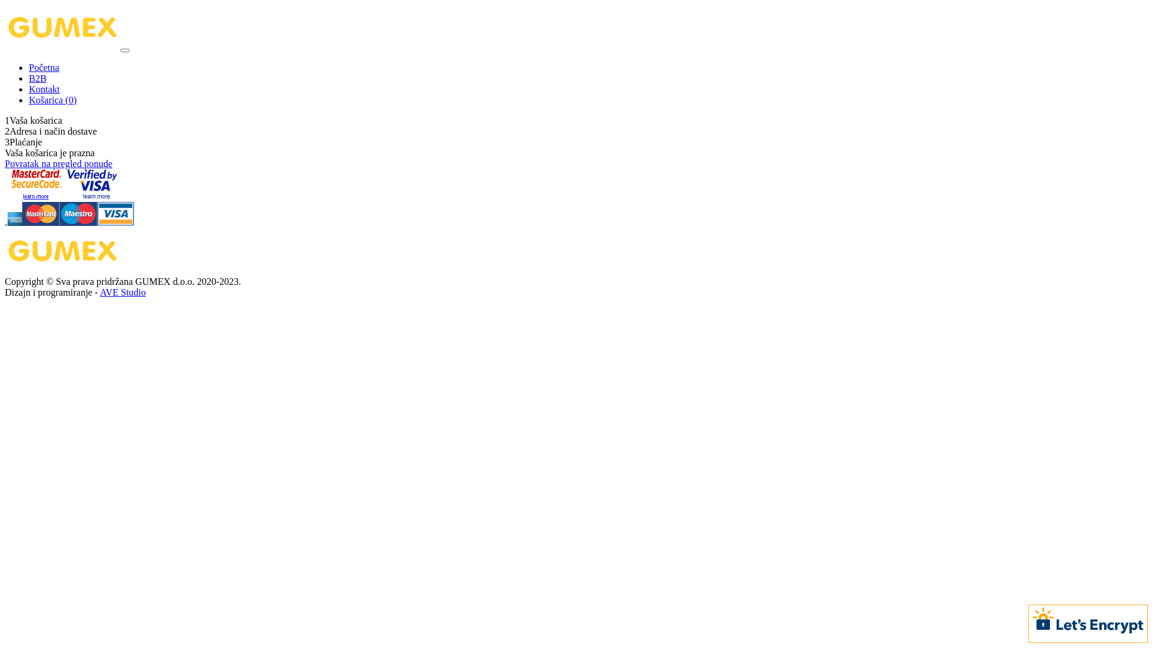 Image resolution: width=1154 pixels, height=649 pixels. What do you see at coordinates (29, 88) in the screenshot?
I see `'Kontakt'` at bounding box center [29, 88].